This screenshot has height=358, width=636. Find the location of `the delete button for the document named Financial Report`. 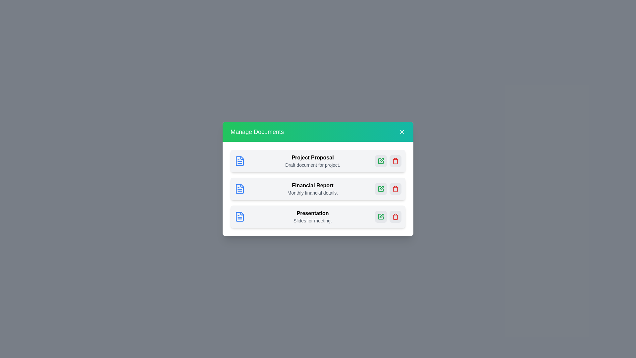

the delete button for the document named Financial Report is located at coordinates (396, 189).